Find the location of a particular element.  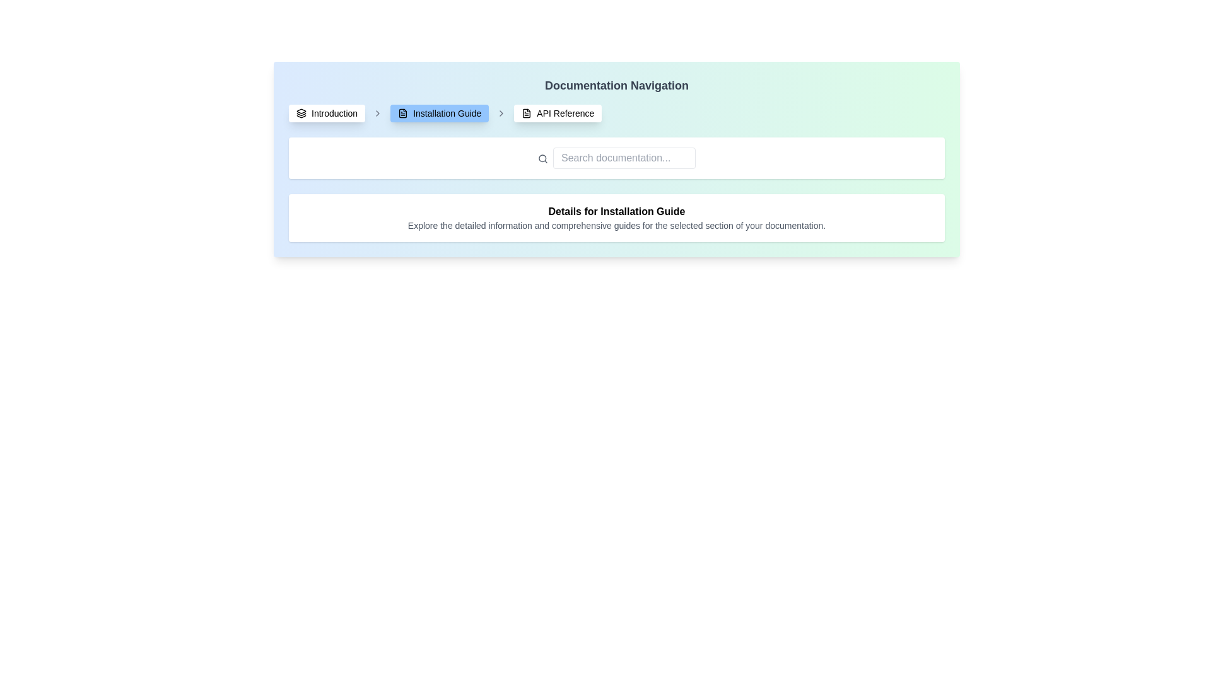

the 'API Reference' tab in the horizontal navigation bar is located at coordinates (557, 113).